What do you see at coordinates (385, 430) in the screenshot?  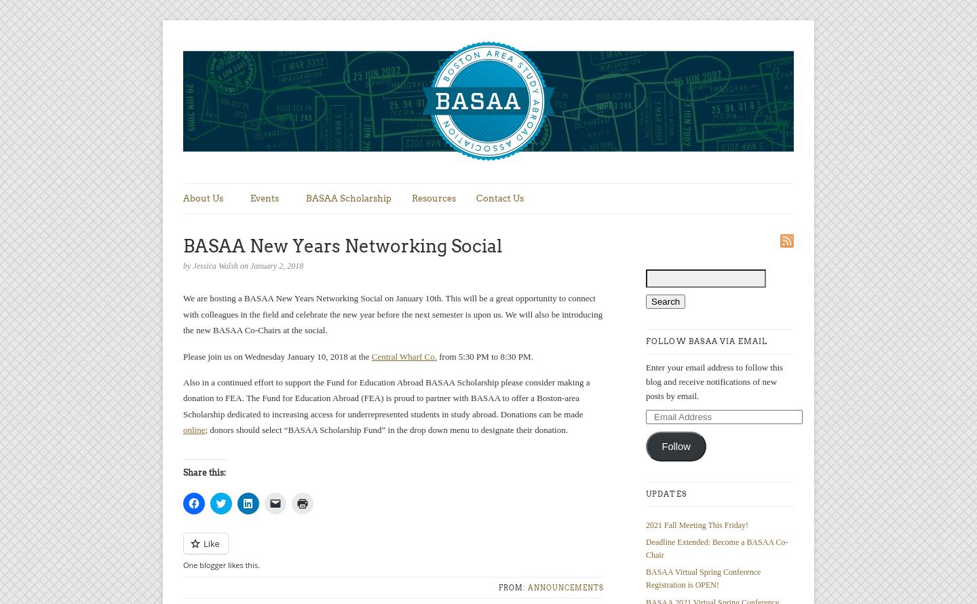 I see `'; donors should select “BASAA Scholarship Fund” in the drop down menu to designate their donation.'` at bounding box center [385, 430].